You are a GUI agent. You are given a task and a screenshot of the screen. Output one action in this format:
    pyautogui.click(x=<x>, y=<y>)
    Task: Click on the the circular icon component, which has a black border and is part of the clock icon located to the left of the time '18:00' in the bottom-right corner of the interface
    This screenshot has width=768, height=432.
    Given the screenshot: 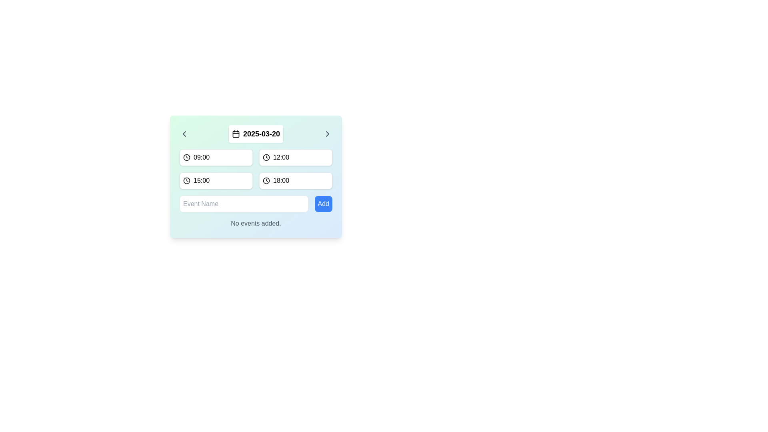 What is the action you would take?
    pyautogui.click(x=266, y=180)
    